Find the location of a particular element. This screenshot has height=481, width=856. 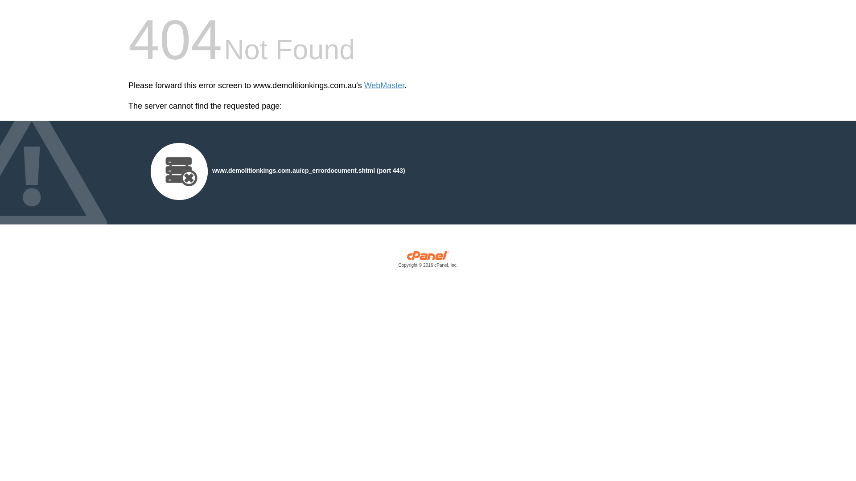

'WebMaster' is located at coordinates (384, 86).